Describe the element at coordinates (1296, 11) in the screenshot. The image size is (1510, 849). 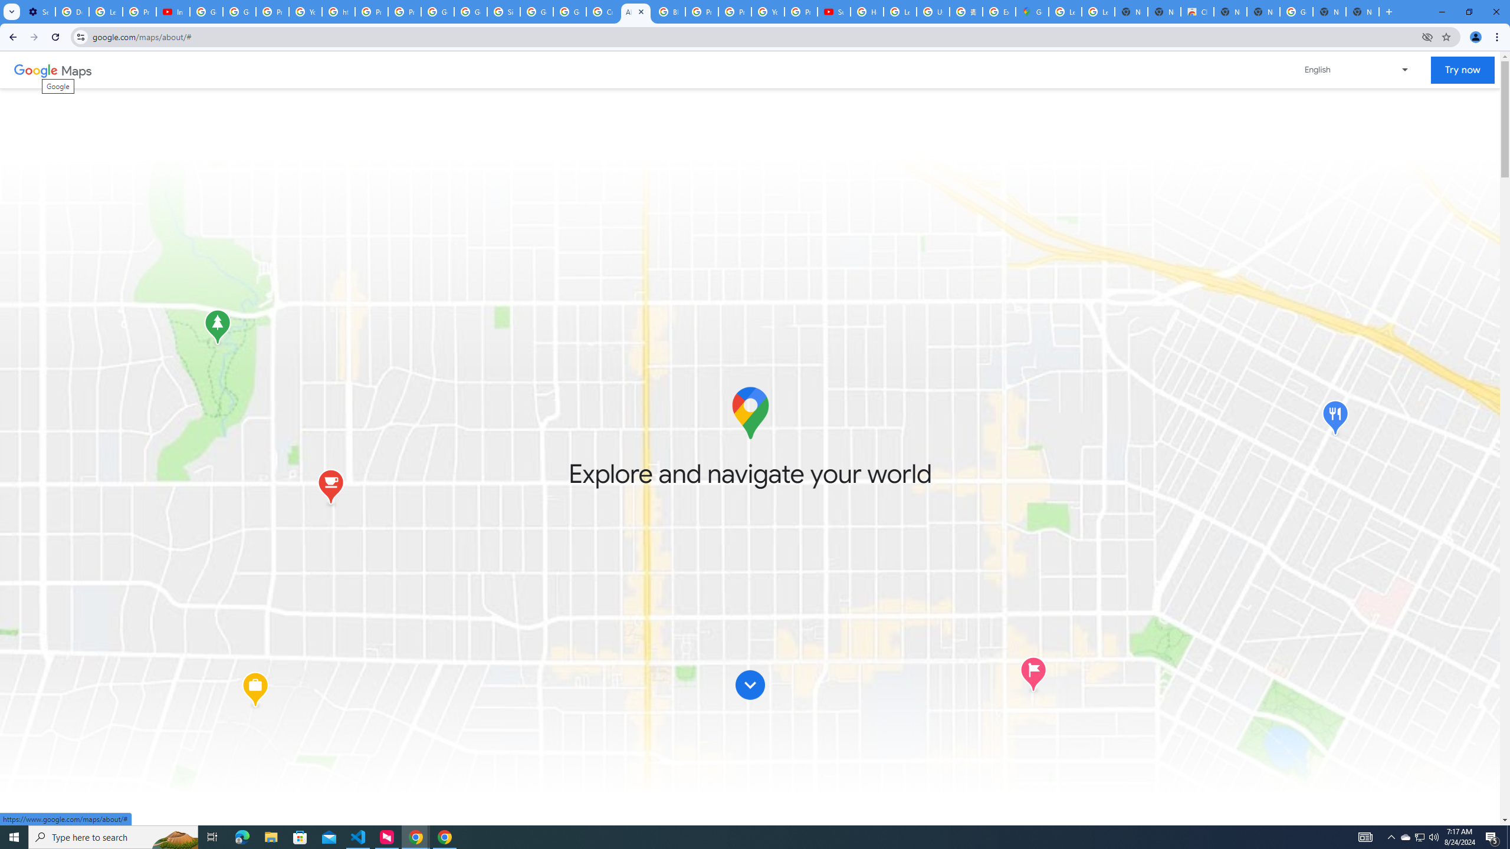
I see `'Google Images'` at that location.